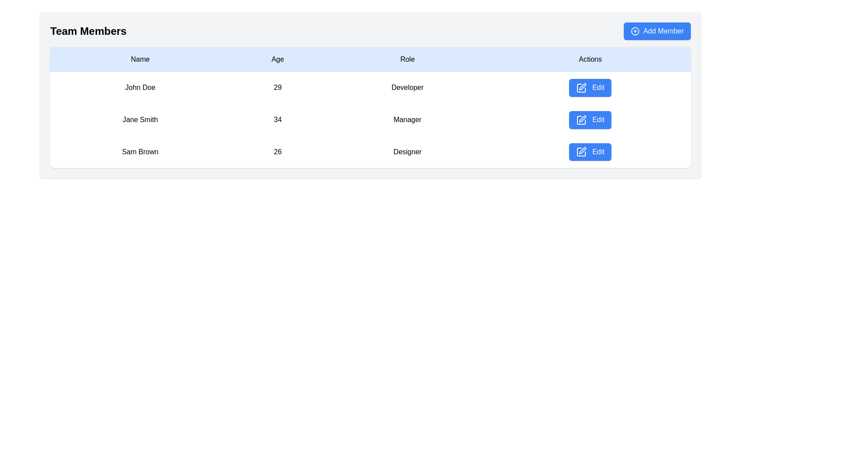  Describe the element at coordinates (277, 151) in the screenshot. I see `the text label displaying '26' in bold sans-serif font, which represents the age of 'Sam Brown' in the 'Team Members' section of the table` at that location.